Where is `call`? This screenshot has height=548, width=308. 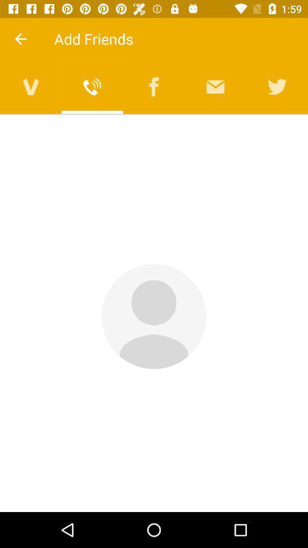 call is located at coordinates (92, 86).